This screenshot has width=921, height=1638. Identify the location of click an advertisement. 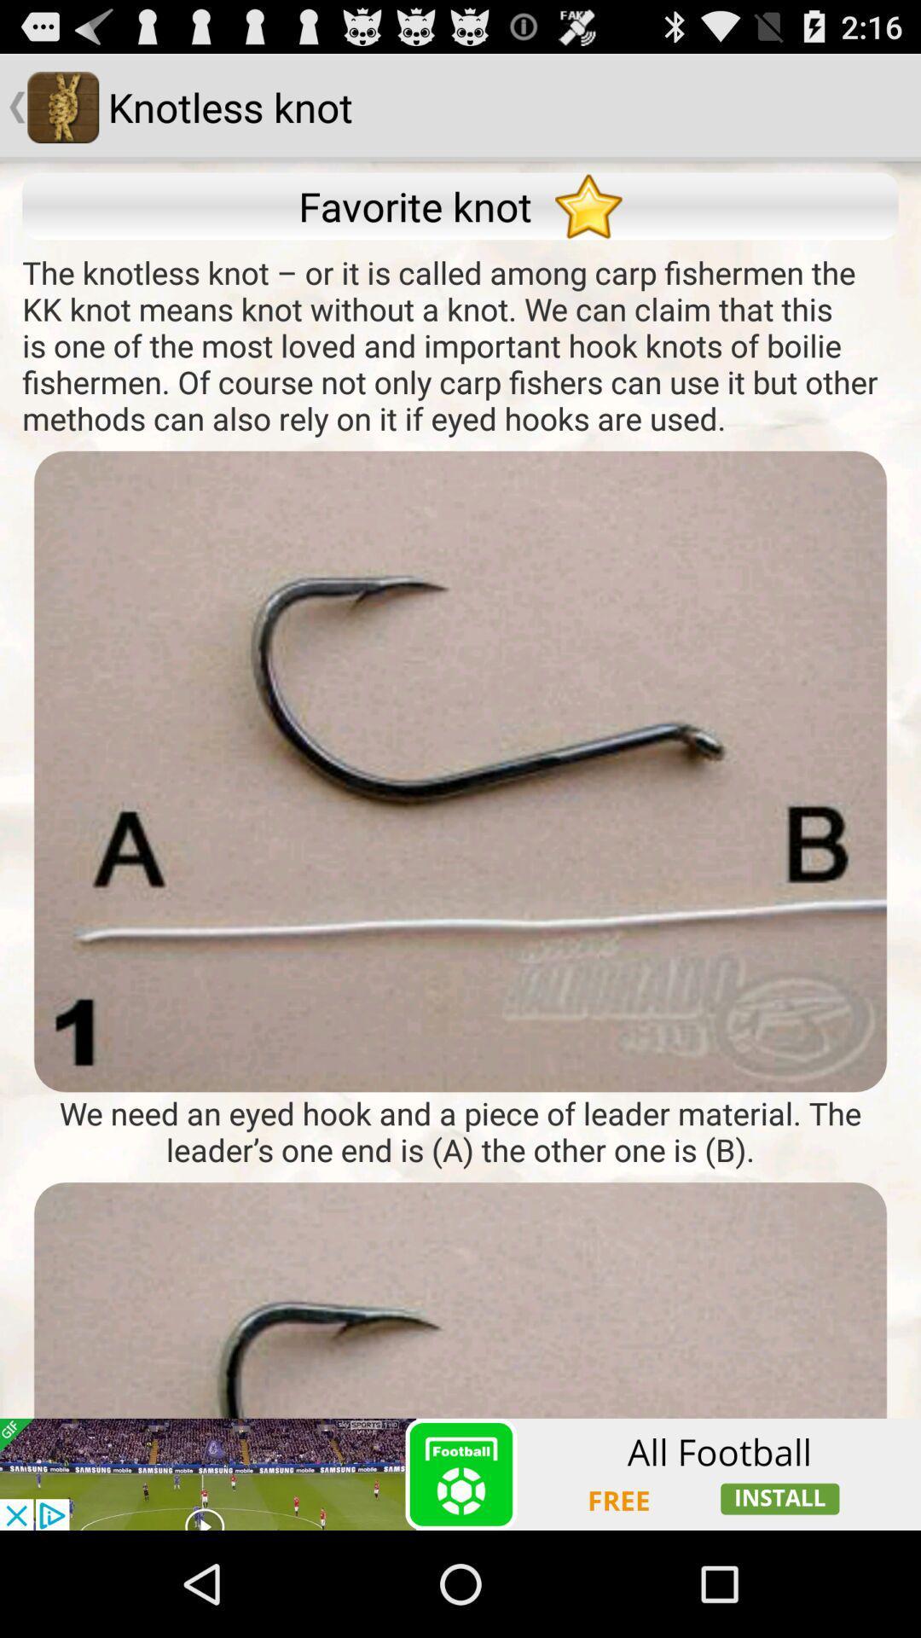
(460, 1473).